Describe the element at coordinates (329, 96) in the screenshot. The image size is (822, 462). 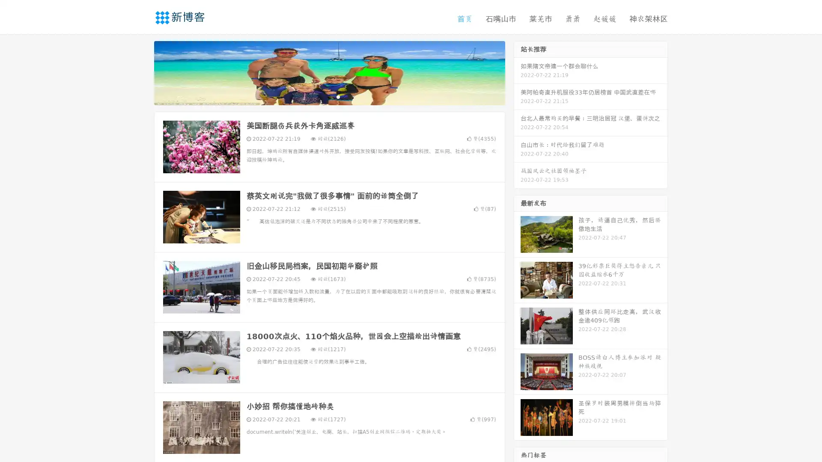
I see `Go to slide 2` at that location.